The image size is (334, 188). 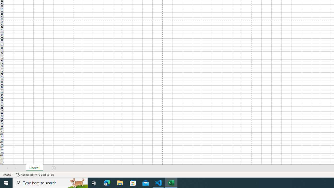 What do you see at coordinates (15, 168) in the screenshot?
I see `'Scroll Right'` at bounding box center [15, 168].